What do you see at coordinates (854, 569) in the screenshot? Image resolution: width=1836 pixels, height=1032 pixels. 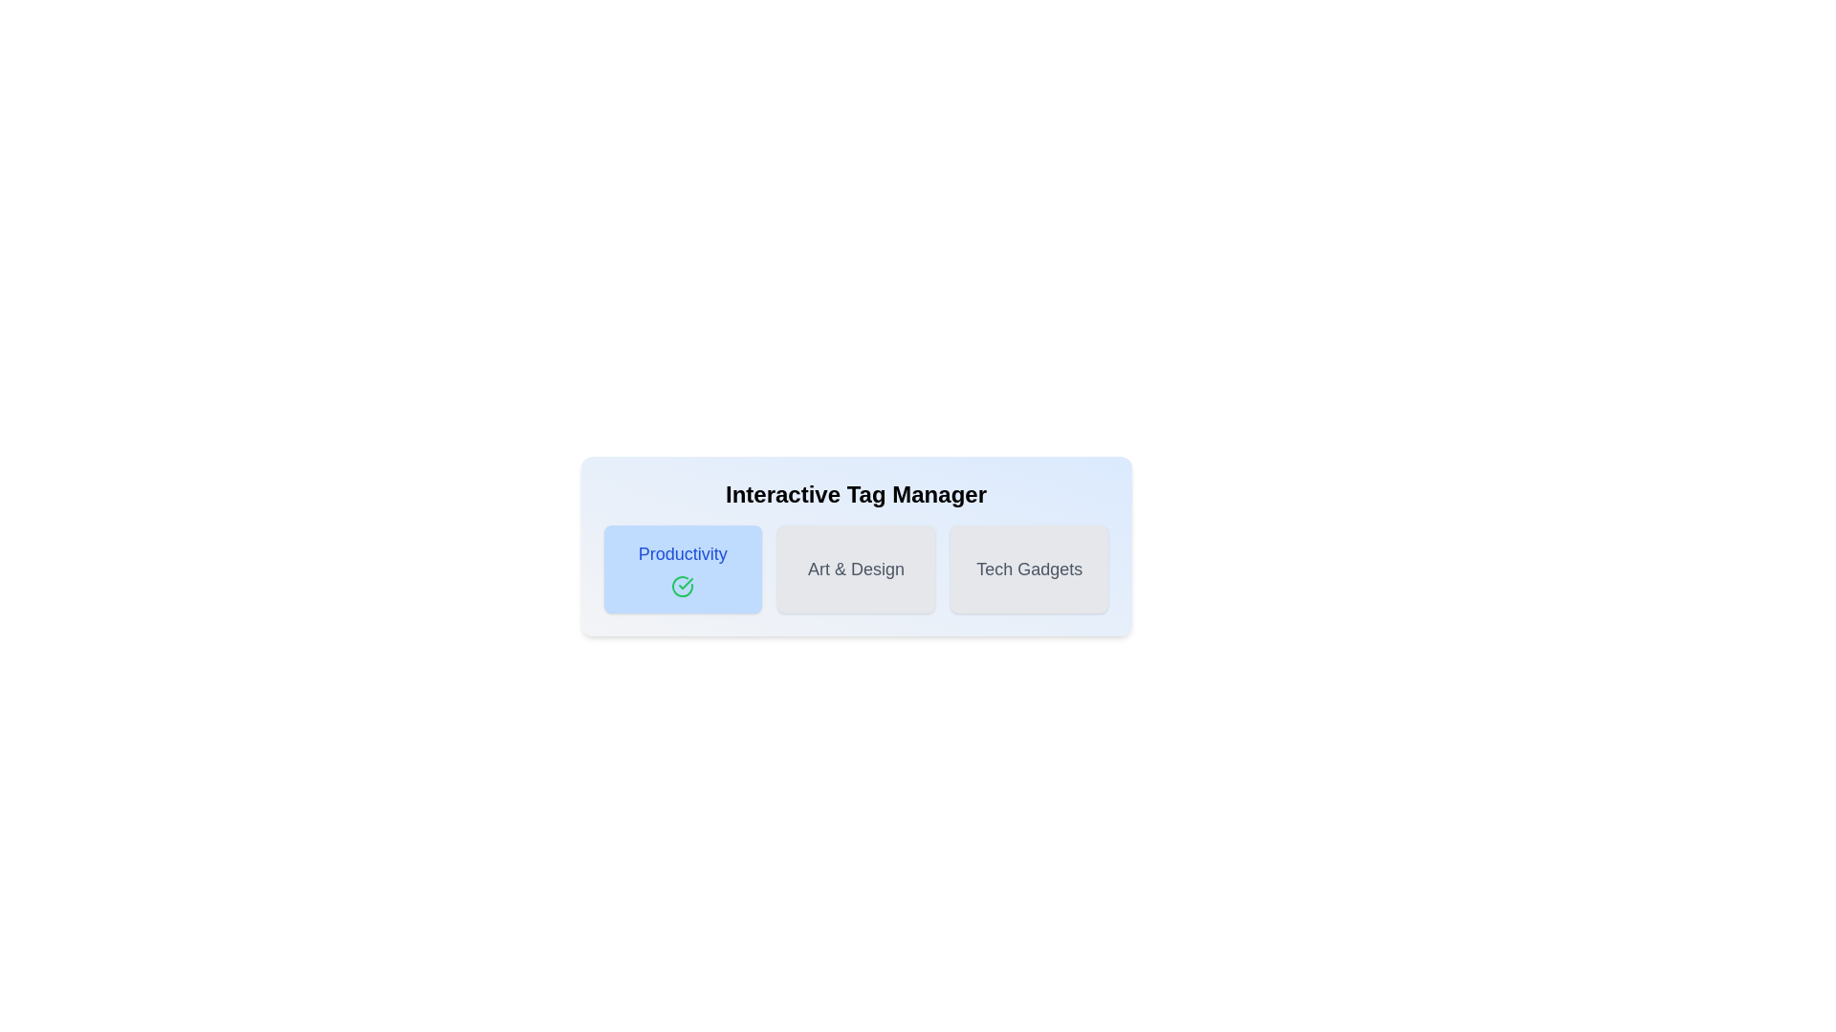 I see `the button labeled 'Art & Design' to observe its hover effect` at bounding box center [854, 569].